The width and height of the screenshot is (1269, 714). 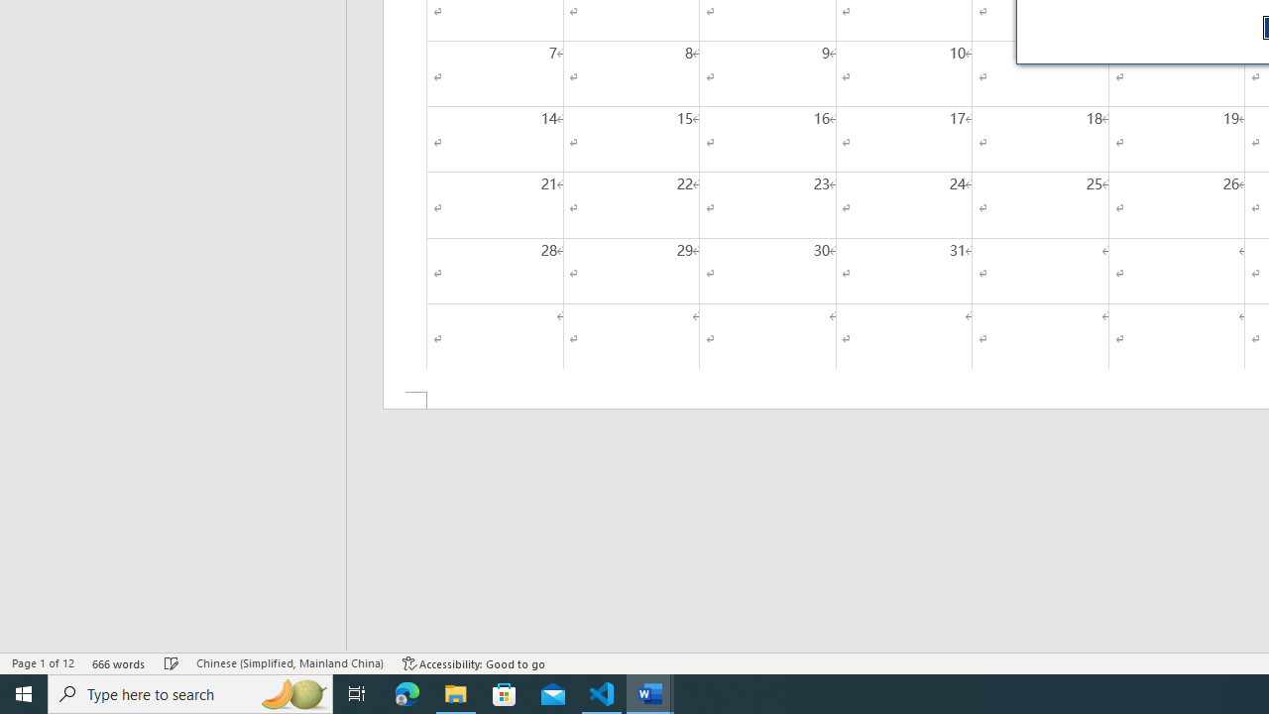 What do you see at coordinates (43, 663) in the screenshot?
I see `'Page Number Page 1 of 12'` at bounding box center [43, 663].